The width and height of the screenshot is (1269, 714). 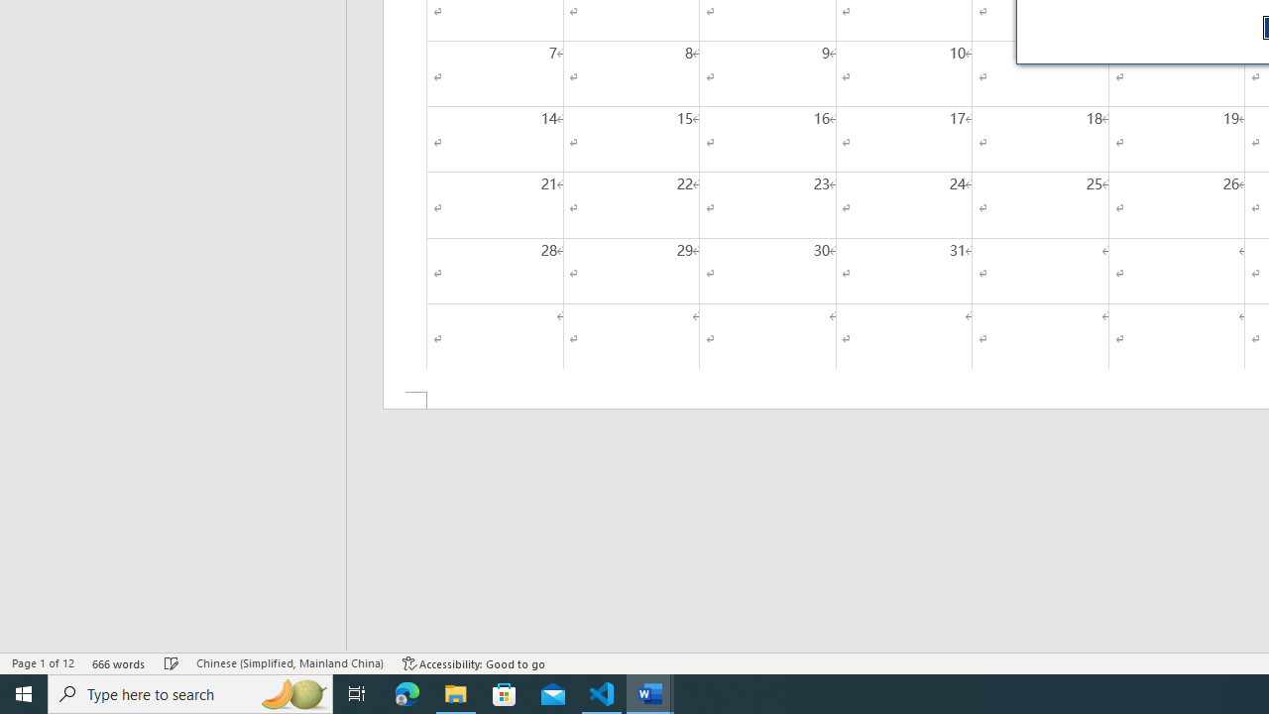 What do you see at coordinates (43, 663) in the screenshot?
I see `'Page Number Page 1 of 12'` at bounding box center [43, 663].